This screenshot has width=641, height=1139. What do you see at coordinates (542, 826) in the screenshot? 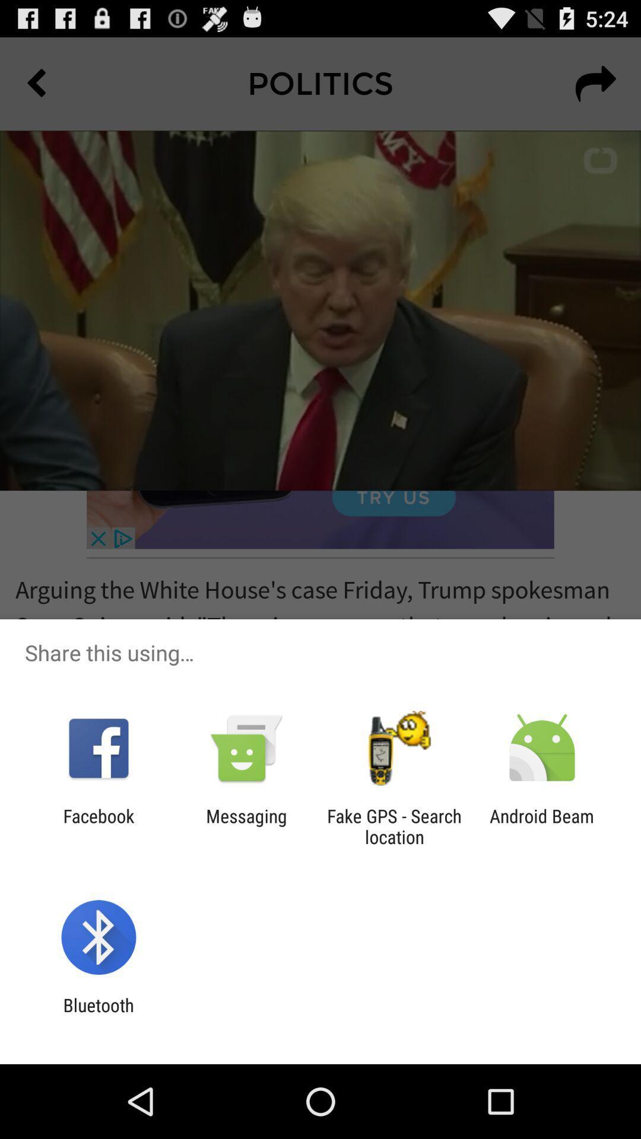
I see `the item at the bottom right corner` at bounding box center [542, 826].